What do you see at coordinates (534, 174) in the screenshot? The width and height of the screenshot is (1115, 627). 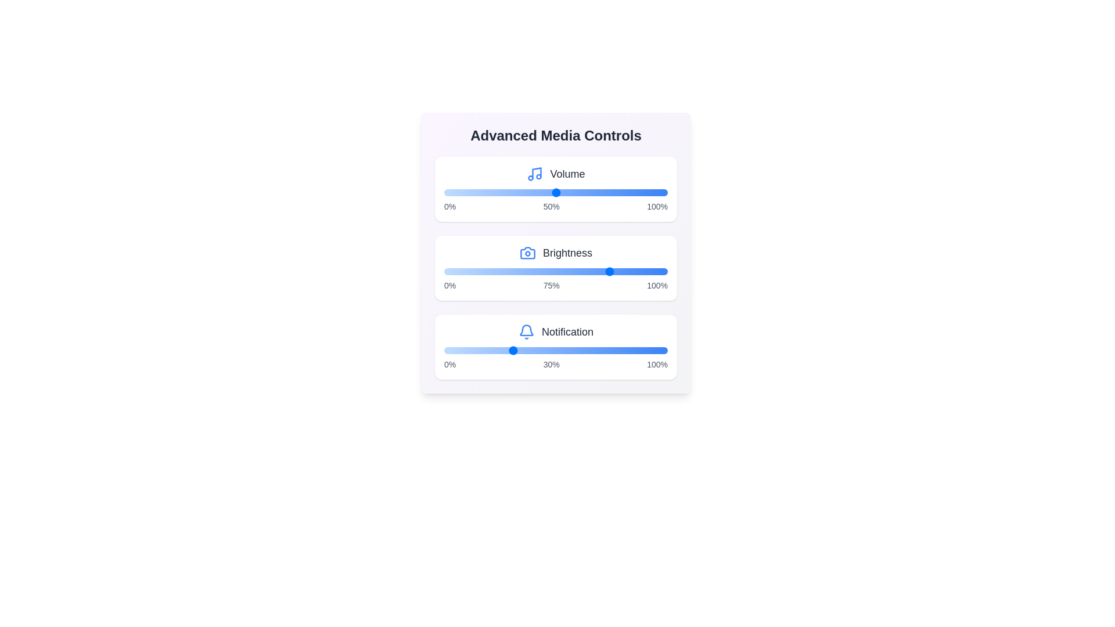 I see `the Volume icon to appreciate its aesthetic` at bounding box center [534, 174].